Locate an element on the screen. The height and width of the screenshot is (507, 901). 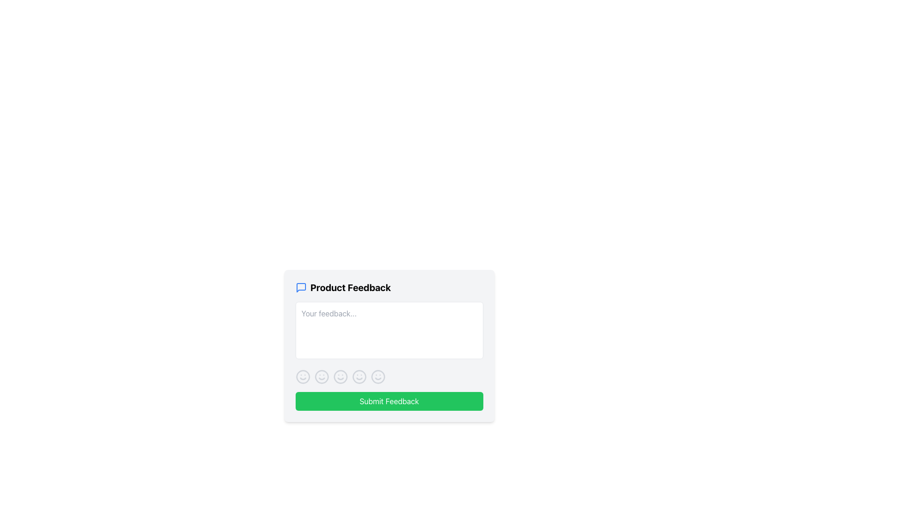
the central circular boundary of the emoji icon, which is the second from the left in a row of five emoji-like feedback buttons at the bottom of the feedback form interface is located at coordinates (340, 376).